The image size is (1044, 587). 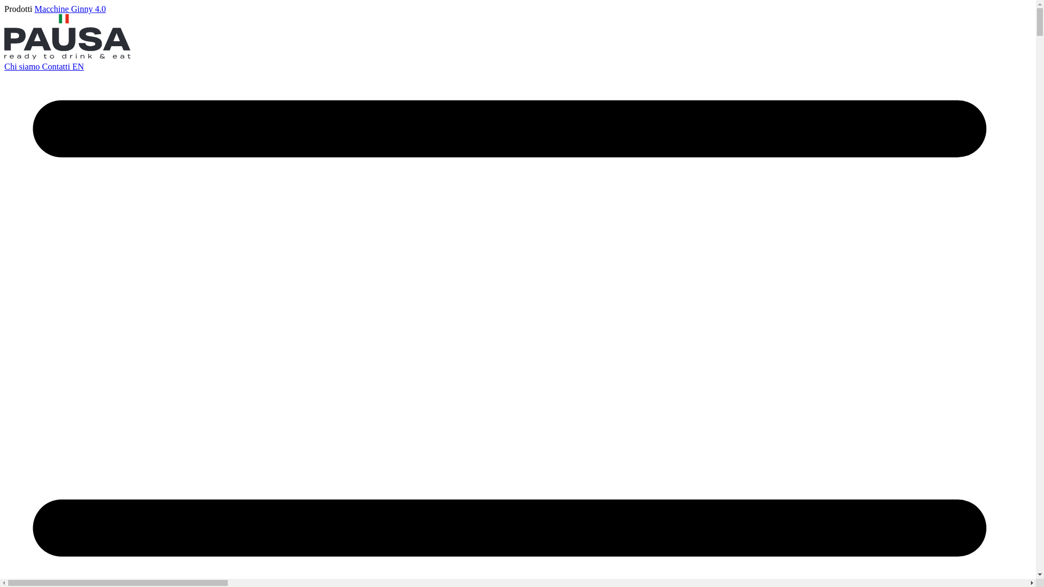 What do you see at coordinates (52, 9) in the screenshot?
I see `'Macchine'` at bounding box center [52, 9].